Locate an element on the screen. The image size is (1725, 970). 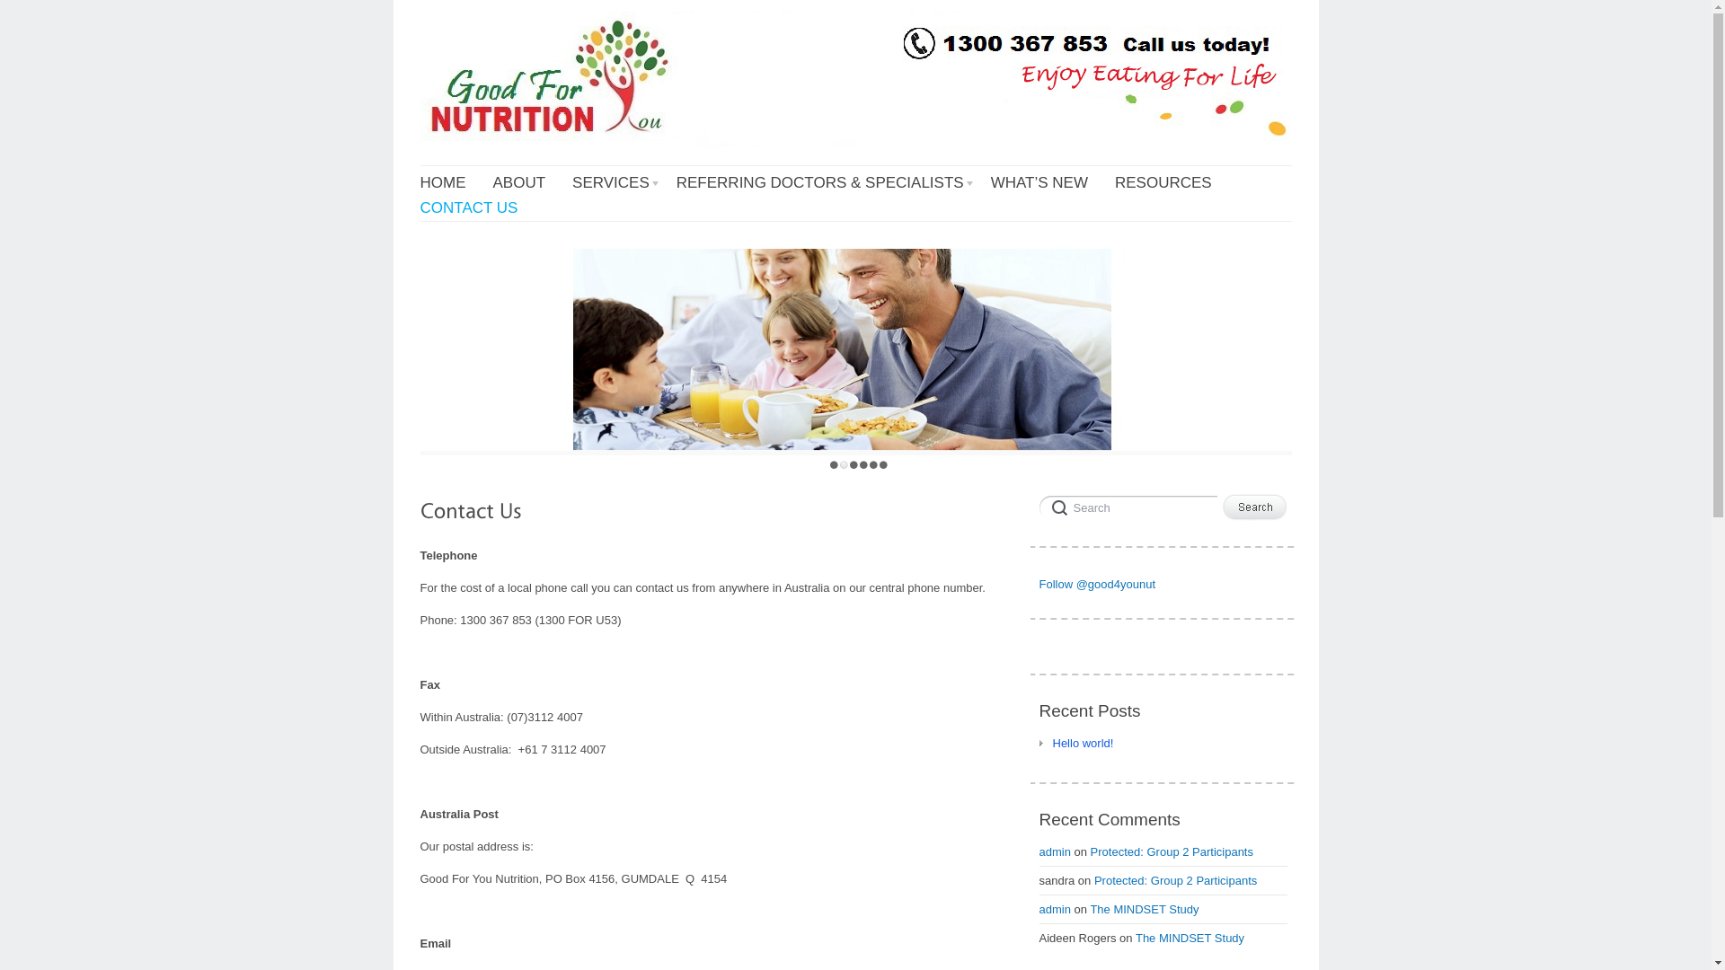
'1' is located at coordinates (833, 463).